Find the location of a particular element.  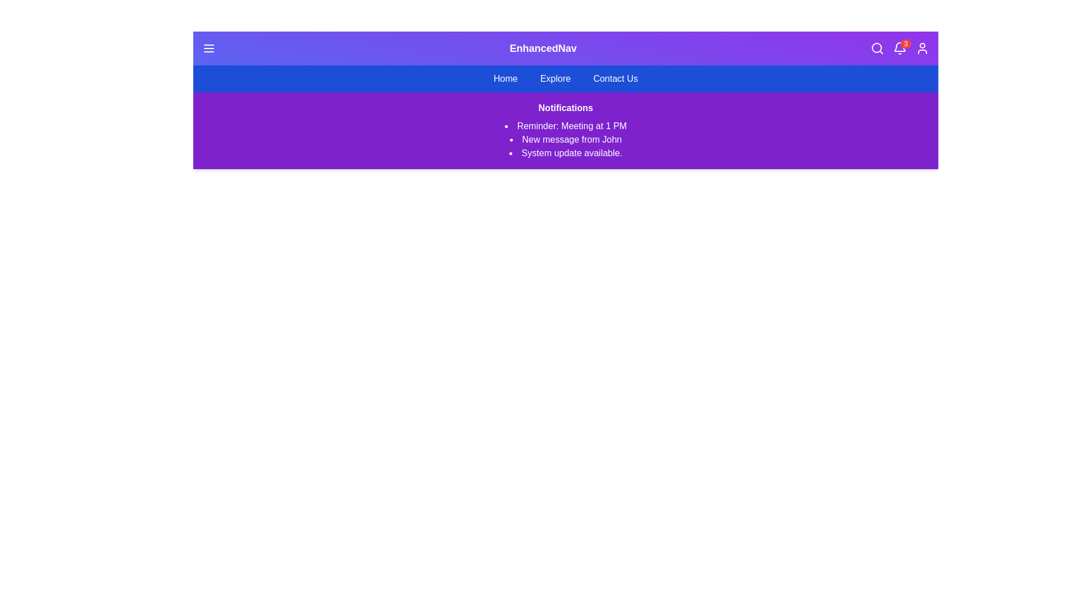

the menu button located at the top-left corner of the navigation bar is located at coordinates (209, 47).